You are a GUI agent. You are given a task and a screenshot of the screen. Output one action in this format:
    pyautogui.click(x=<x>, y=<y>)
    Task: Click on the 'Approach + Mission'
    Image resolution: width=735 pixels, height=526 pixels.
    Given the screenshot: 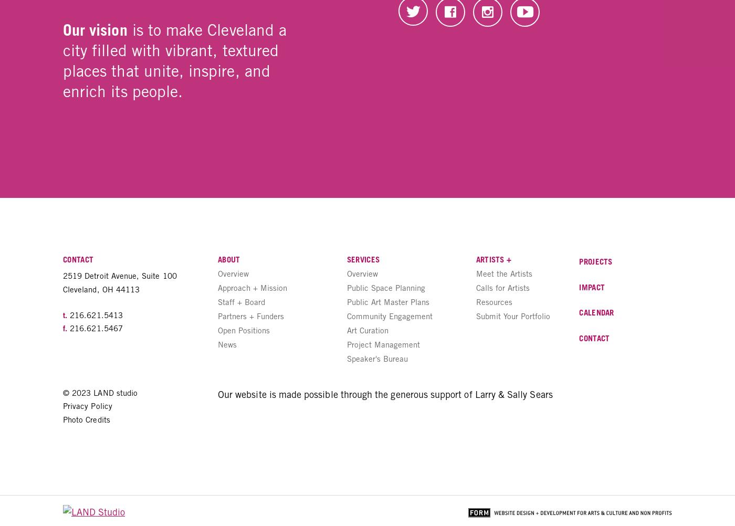 What is the action you would take?
    pyautogui.click(x=253, y=288)
    